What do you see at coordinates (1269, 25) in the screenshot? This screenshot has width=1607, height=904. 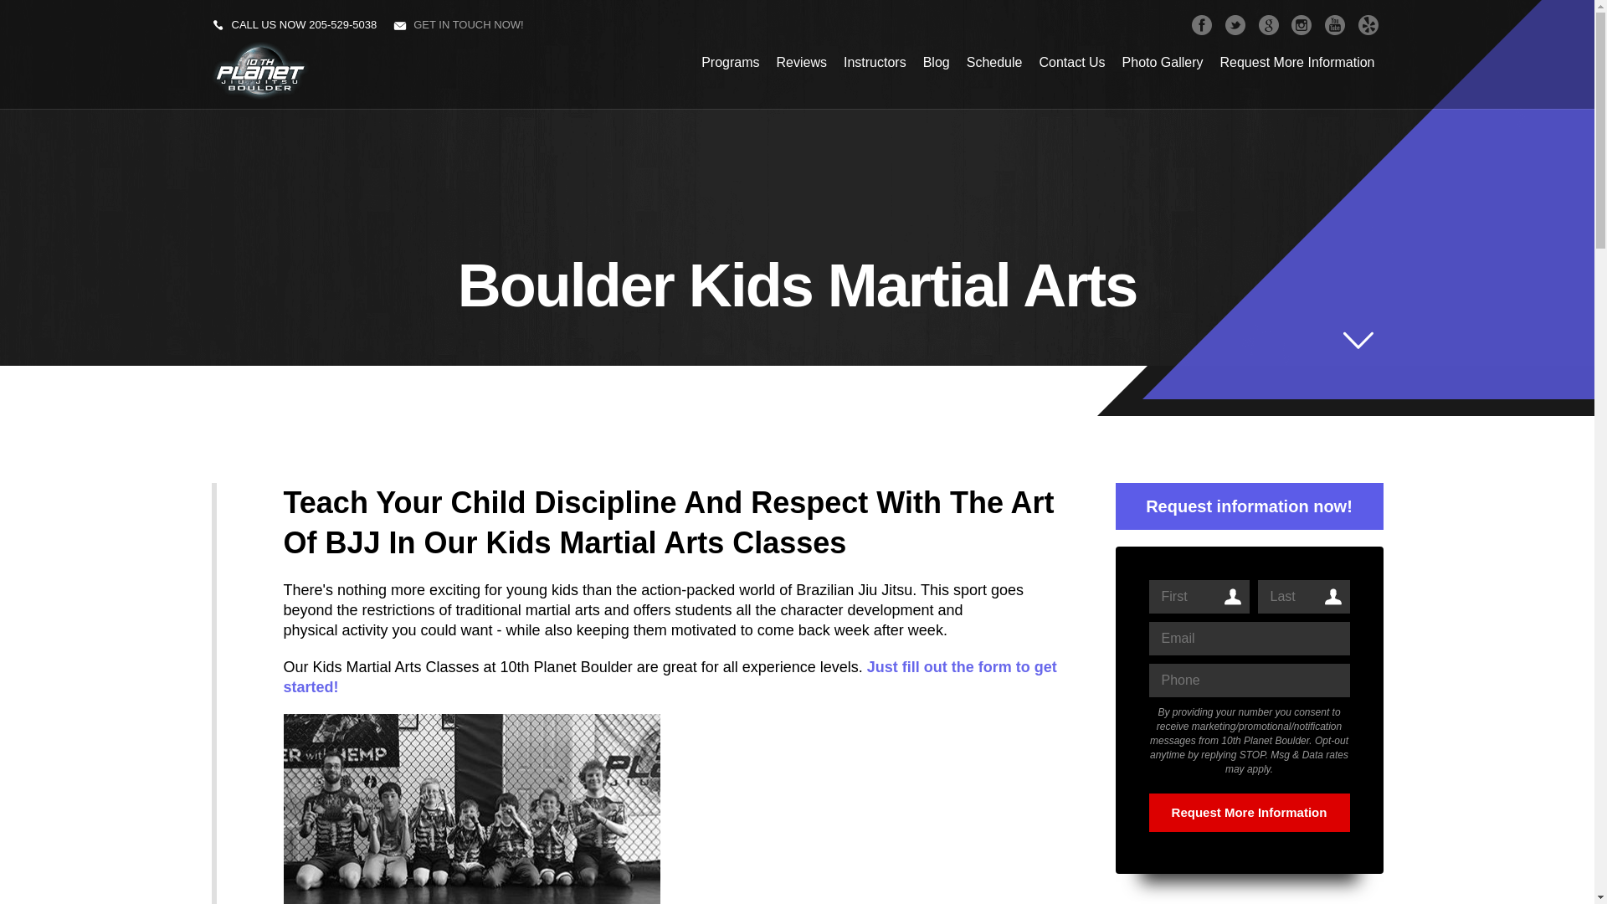 I see `'GOOGLEPLUS'` at bounding box center [1269, 25].